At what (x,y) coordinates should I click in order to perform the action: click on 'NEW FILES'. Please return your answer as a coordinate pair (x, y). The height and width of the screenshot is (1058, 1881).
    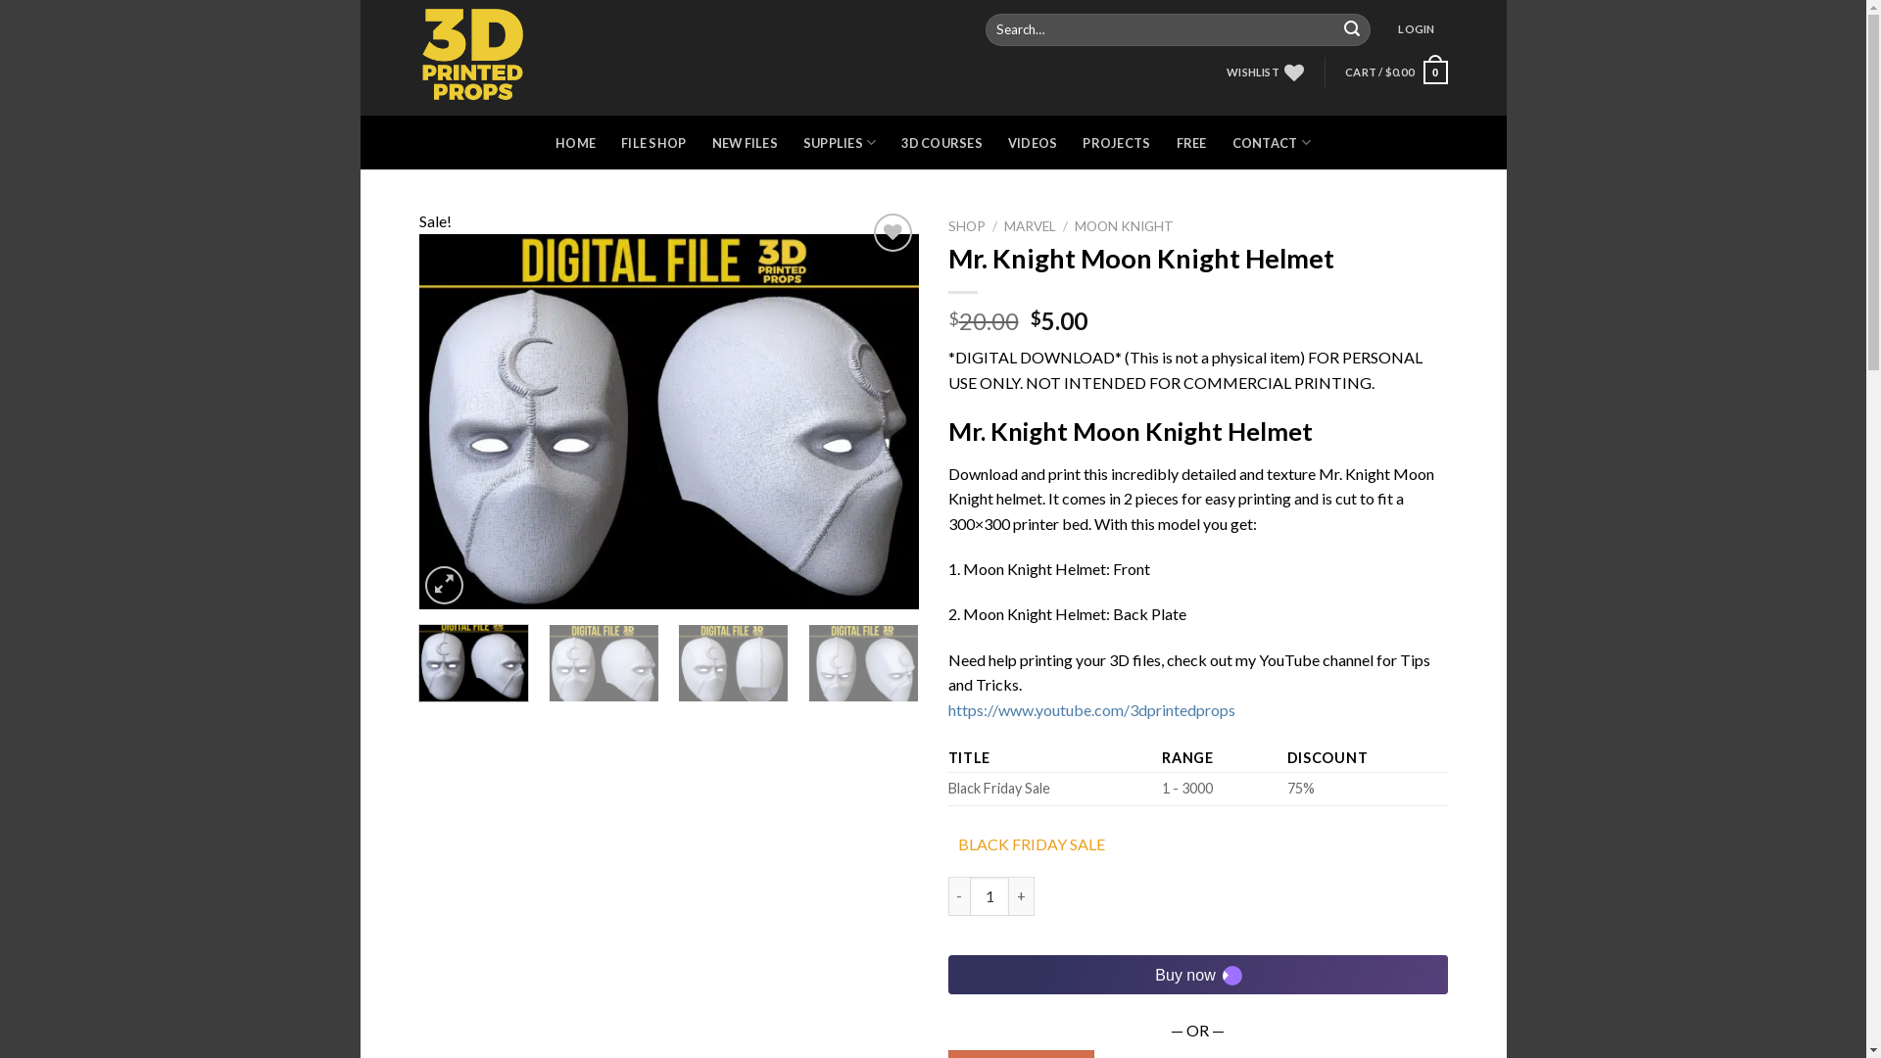
    Looking at the image, I should click on (744, 142).